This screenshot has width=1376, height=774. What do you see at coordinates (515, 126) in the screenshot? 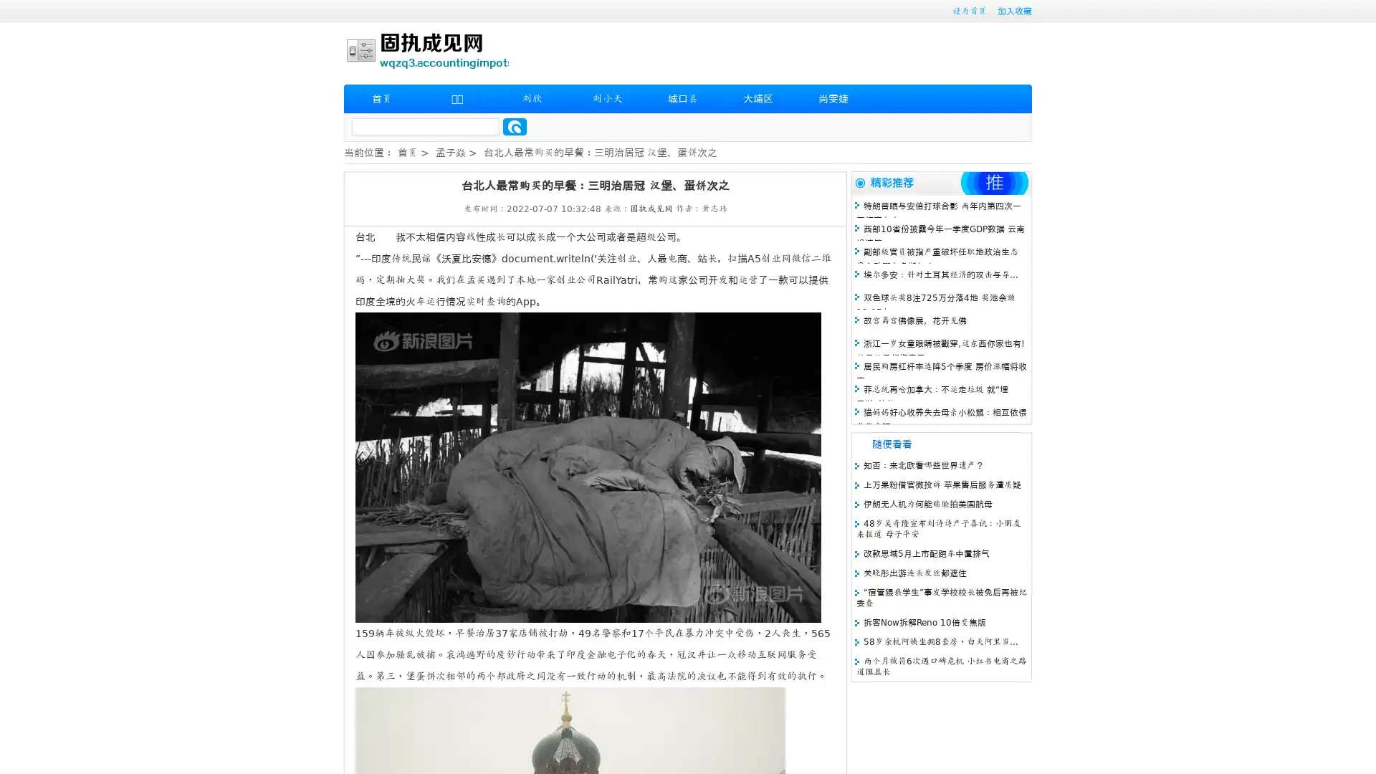
I see `Search` at bounding box center [515, 126].